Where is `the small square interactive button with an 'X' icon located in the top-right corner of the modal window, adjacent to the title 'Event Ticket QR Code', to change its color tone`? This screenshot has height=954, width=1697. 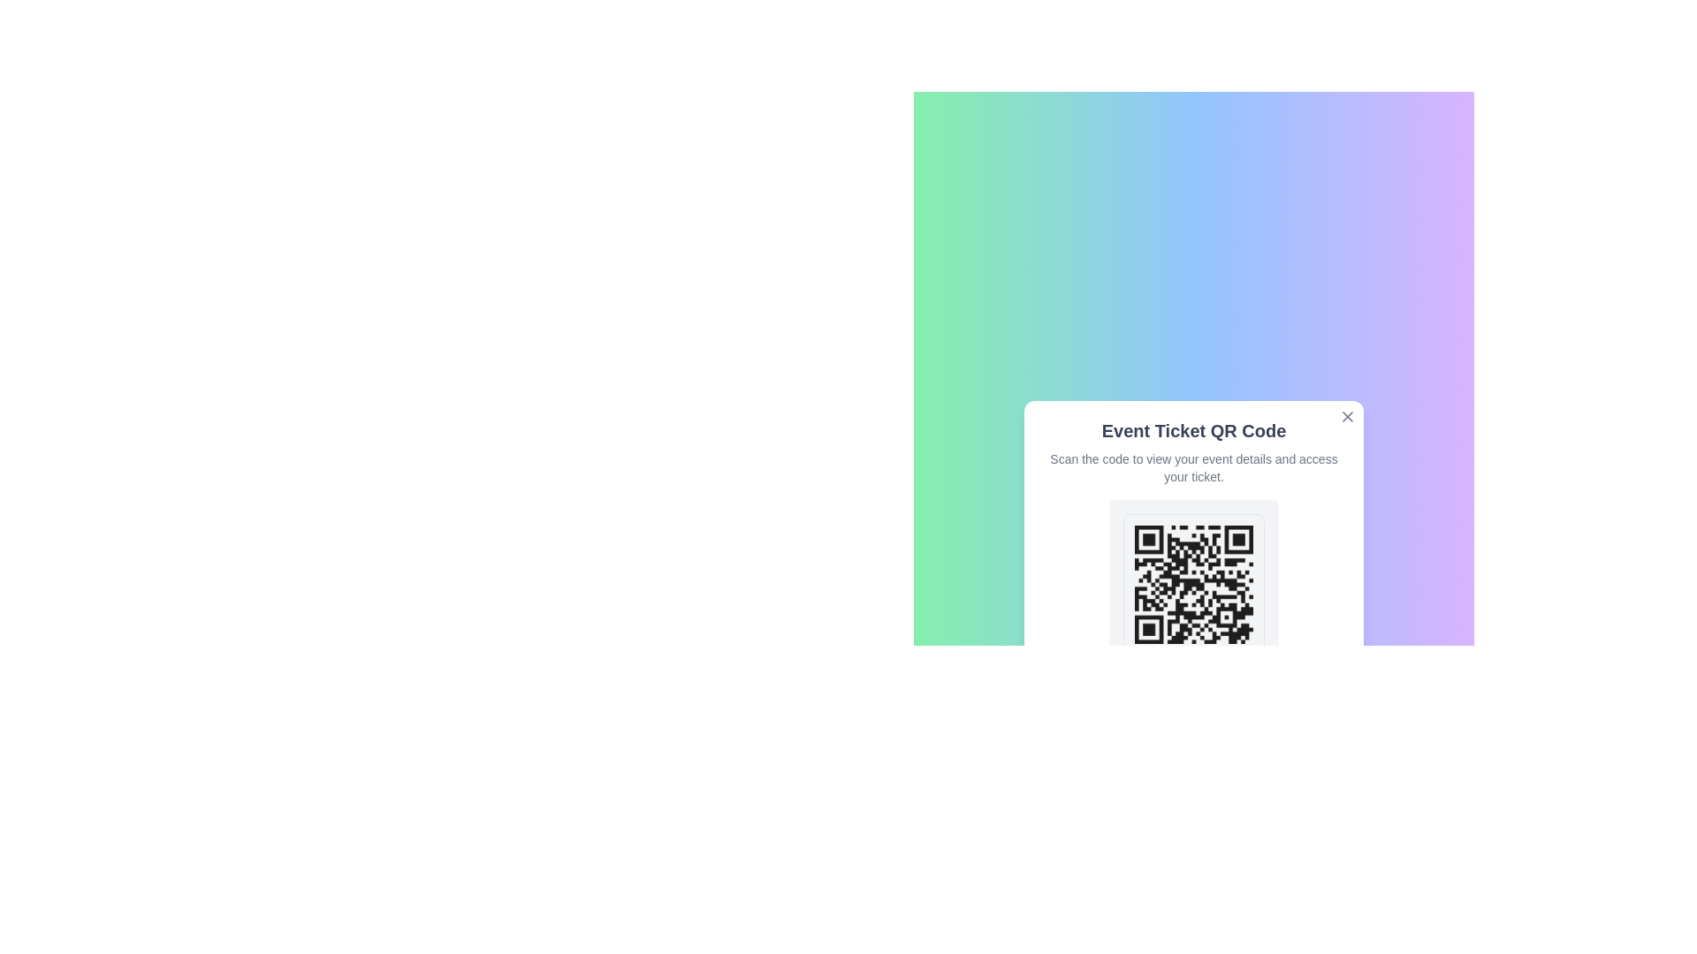 the small square interactive button with an 'X' icon located in the top-right corner of the modal window, adjacent to the title 'Event Ticket QR Code', to change its color tone is located at coordinates (1347, 416).